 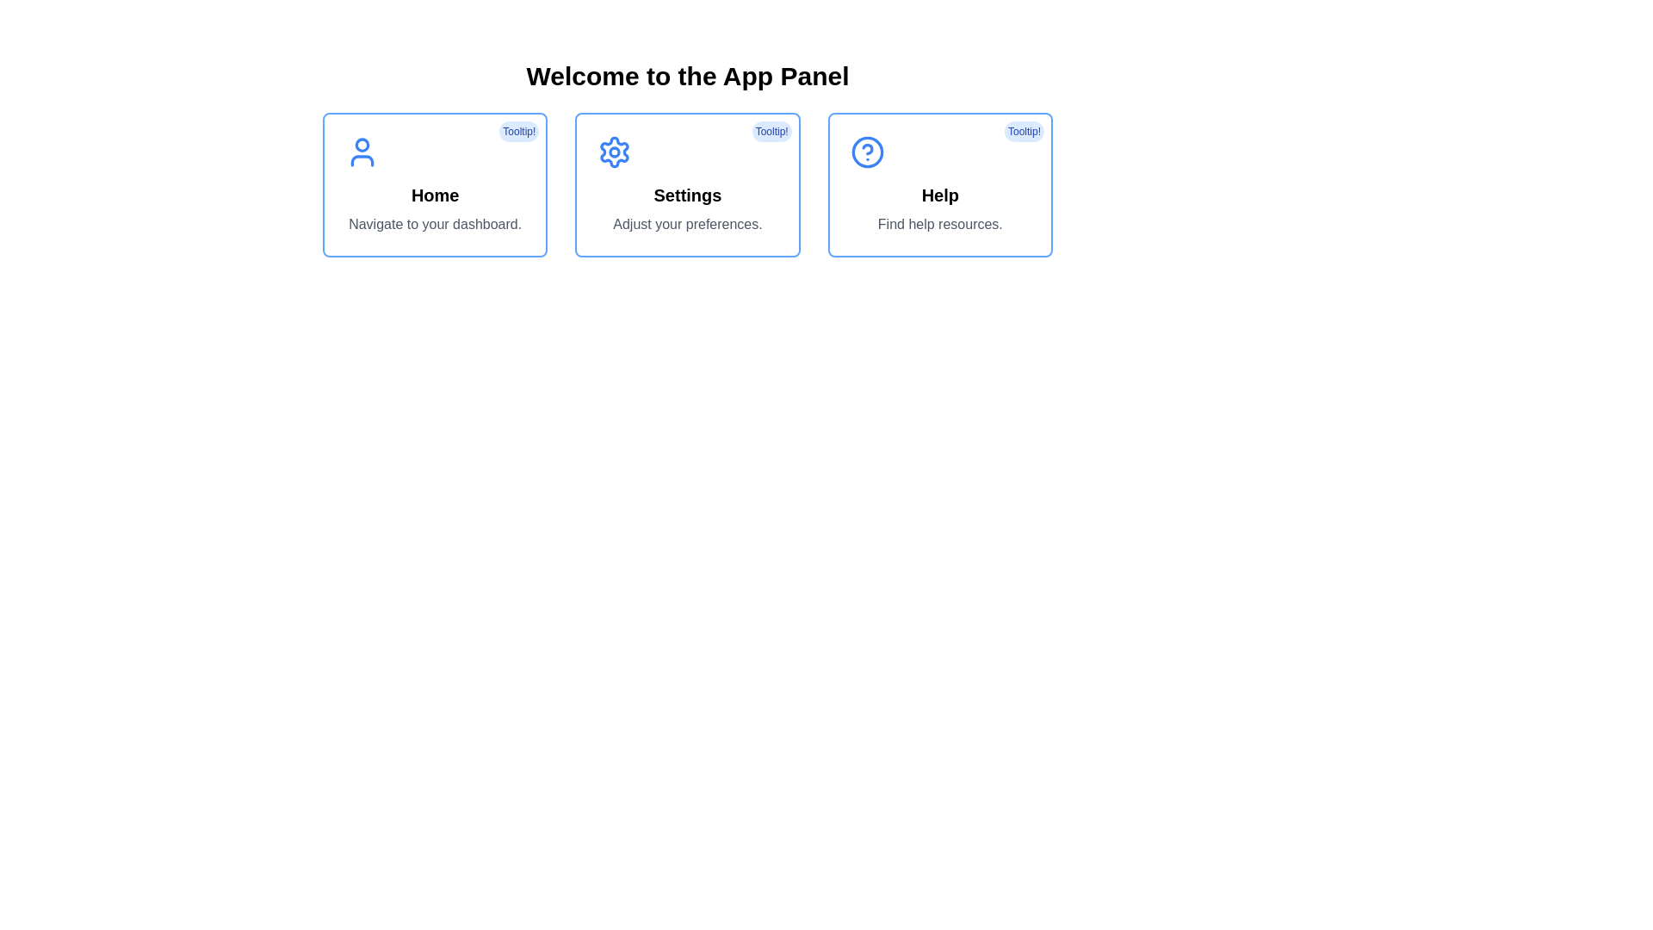 I want to click on the graphical circle that forms the upper portion of the user icon within the first card labeled 'Home', so click(x=362, y=144).